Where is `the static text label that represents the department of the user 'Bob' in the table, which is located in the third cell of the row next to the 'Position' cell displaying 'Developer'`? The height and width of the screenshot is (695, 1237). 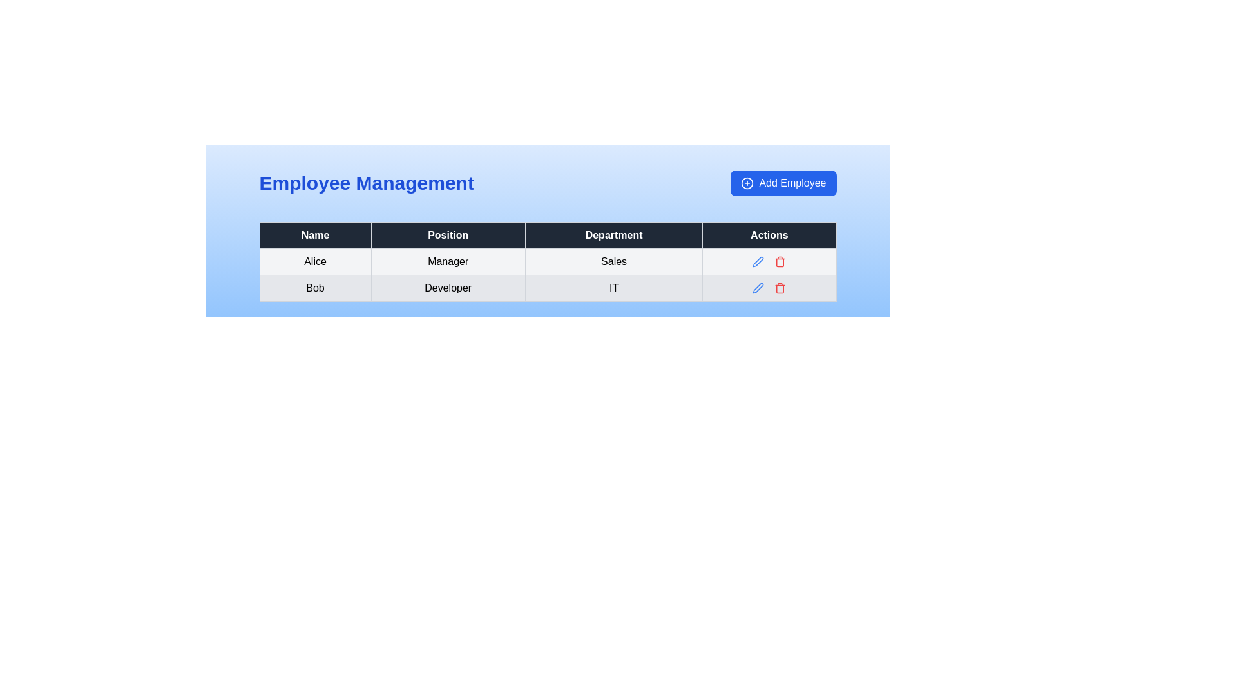
the static text label that represents the department of the user 'Bob' in the table, which is located in the third cell of the row next to the 'Position' cell displaying 'Developer' is located at coordinates (613, 287).